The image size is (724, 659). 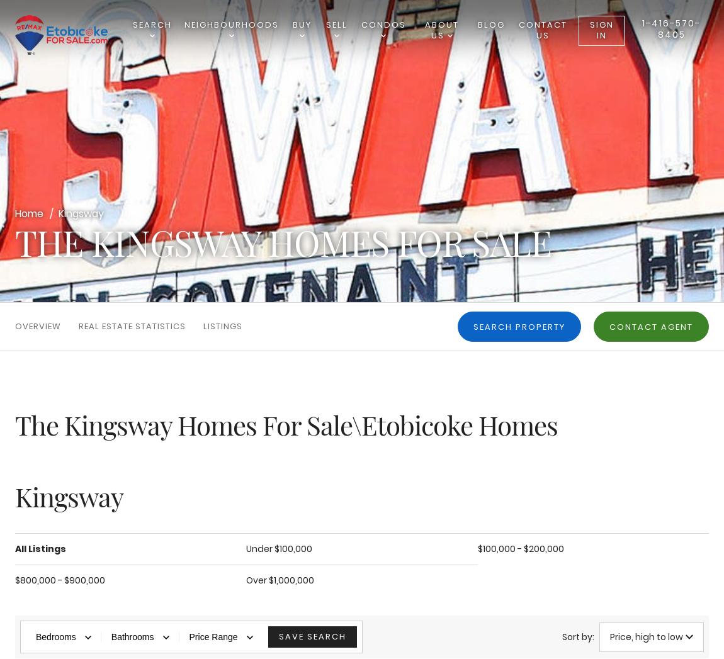 I want to click on 'The Kingsway Homes For Sale', so click(x=283, y=241).